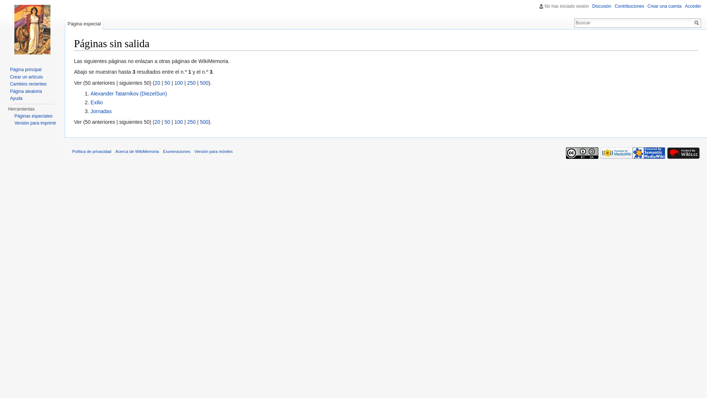 The height and width of the screenshot is (398, 707). Describe the element at coordinates (204, 83) in the screenshot. I see `'500'` at that location.